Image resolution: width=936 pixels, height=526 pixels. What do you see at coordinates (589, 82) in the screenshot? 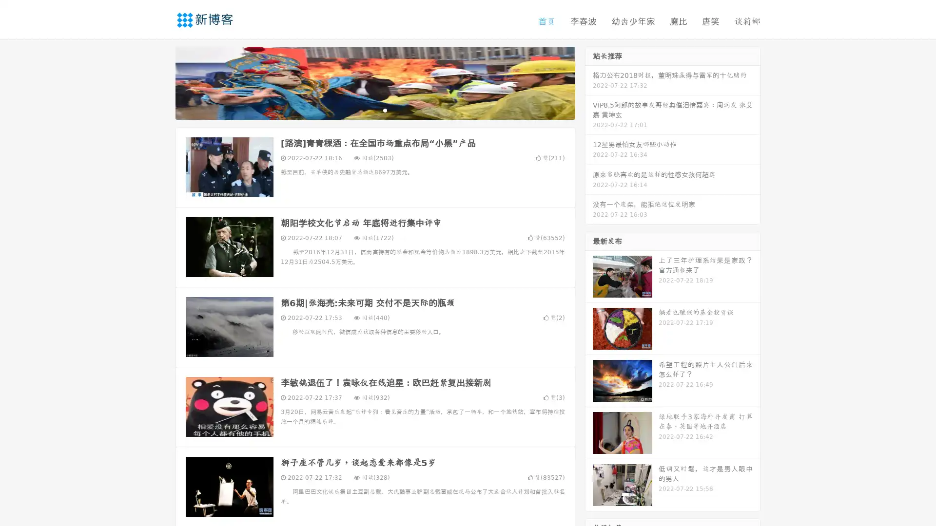
I see `Next slide` at bounding box center [589, 82].